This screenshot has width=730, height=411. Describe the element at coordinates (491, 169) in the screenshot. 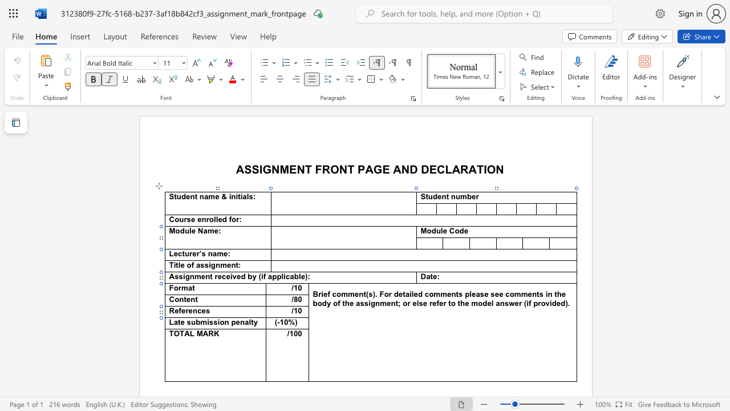

I see `the 1th character "O" in the text` at that location.